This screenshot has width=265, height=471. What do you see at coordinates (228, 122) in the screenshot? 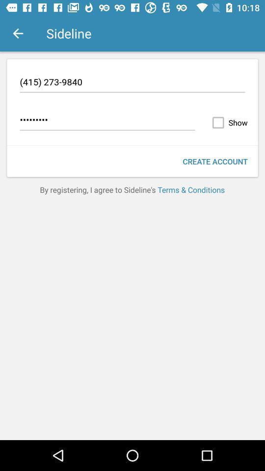
I see `the item to the right of crowd3116 icon` at bounding box center [228, 122].